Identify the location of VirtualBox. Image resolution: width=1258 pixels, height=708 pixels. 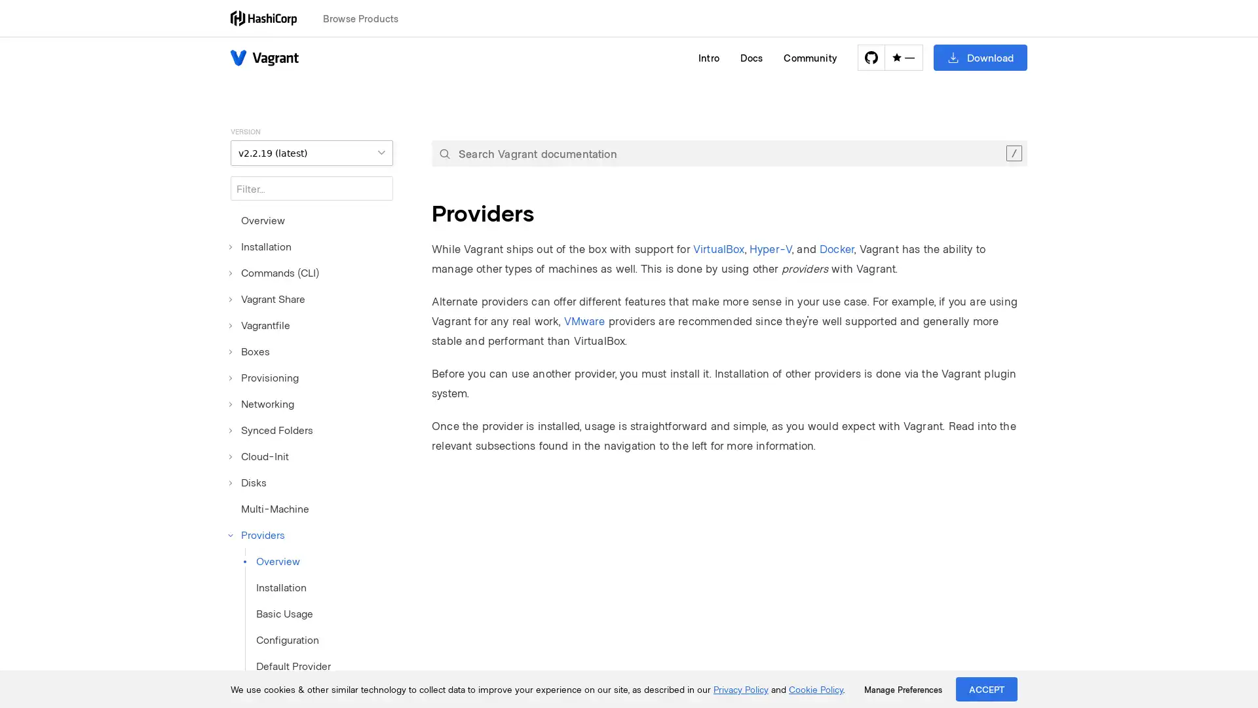
(273, 692).